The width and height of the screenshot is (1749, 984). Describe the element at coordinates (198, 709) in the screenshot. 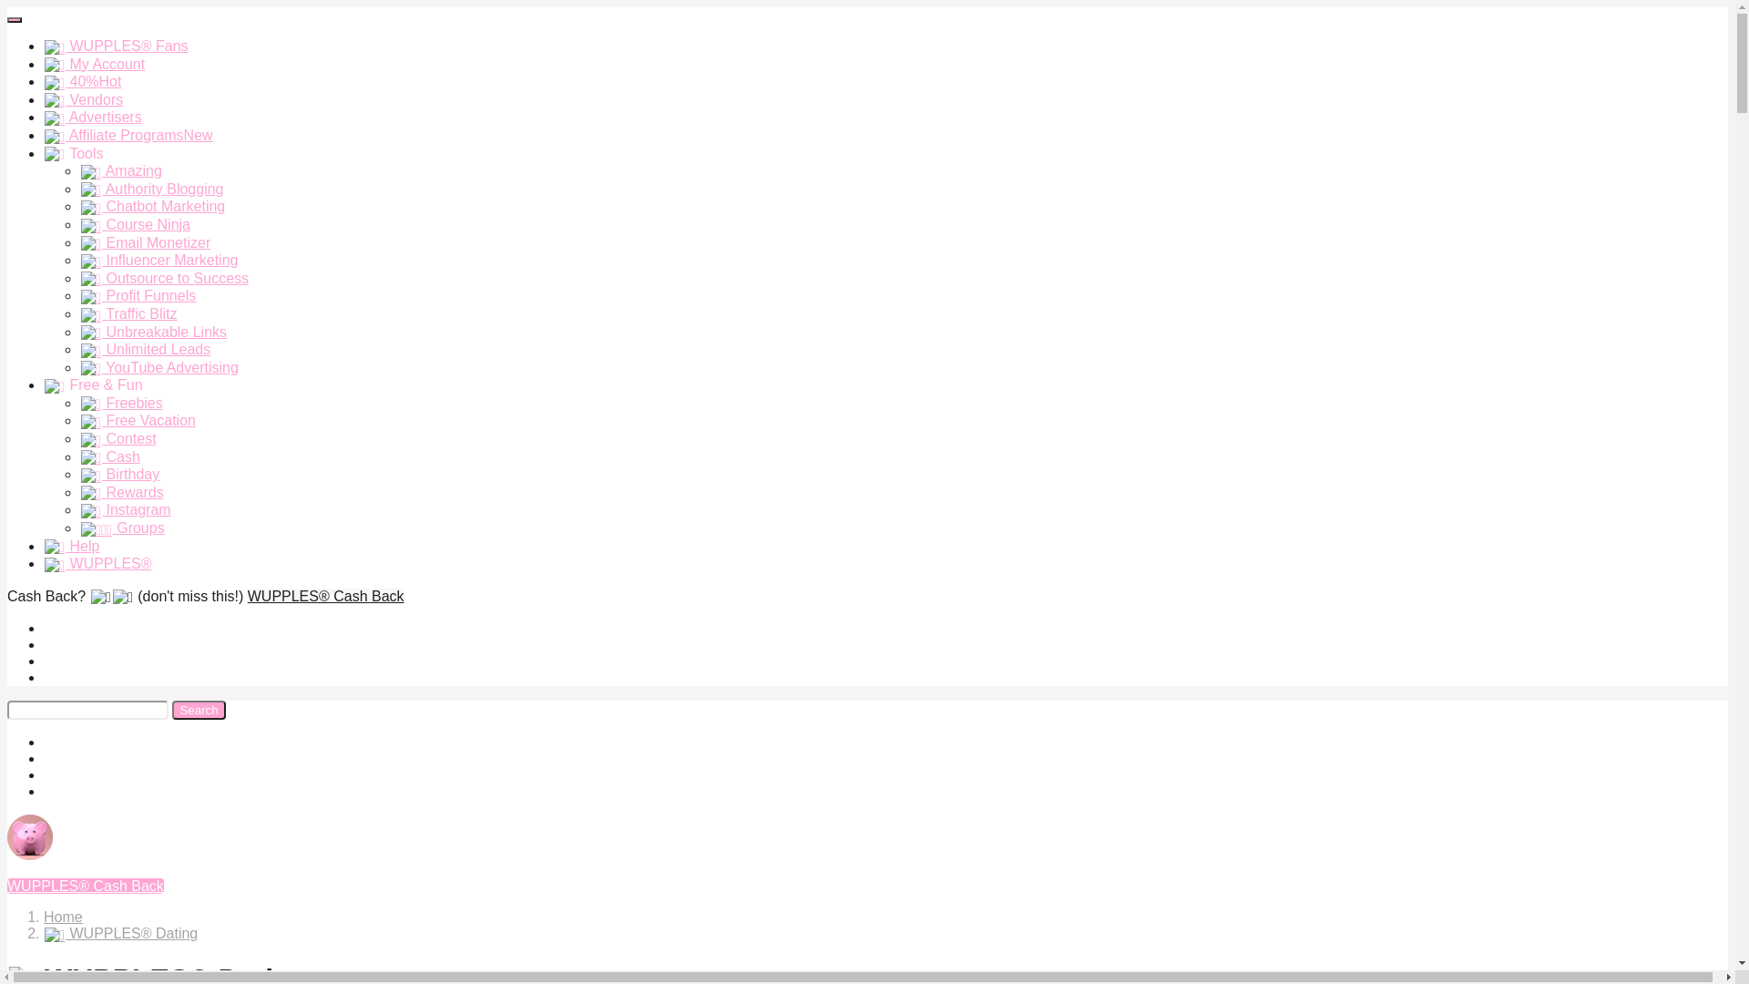

I see `'Search'` at that location.